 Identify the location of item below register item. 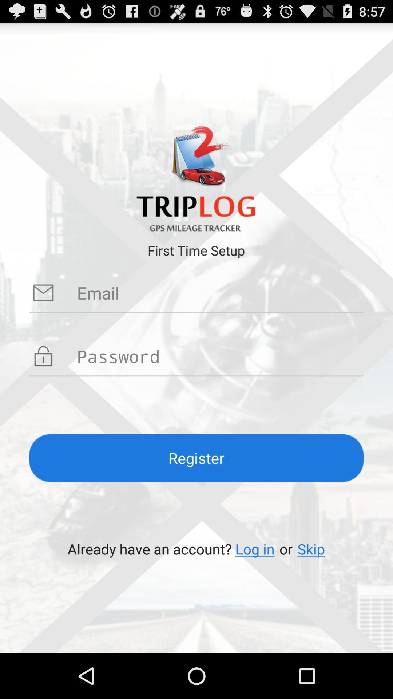
(311, 549).